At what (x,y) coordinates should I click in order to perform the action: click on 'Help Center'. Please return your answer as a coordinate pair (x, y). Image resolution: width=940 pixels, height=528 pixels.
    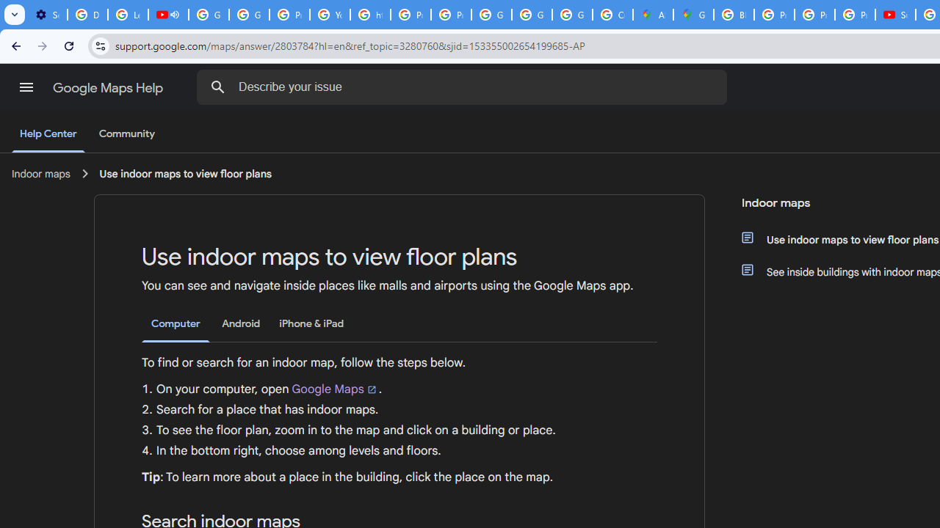
    Looking at the image, I should click on (48, 134).